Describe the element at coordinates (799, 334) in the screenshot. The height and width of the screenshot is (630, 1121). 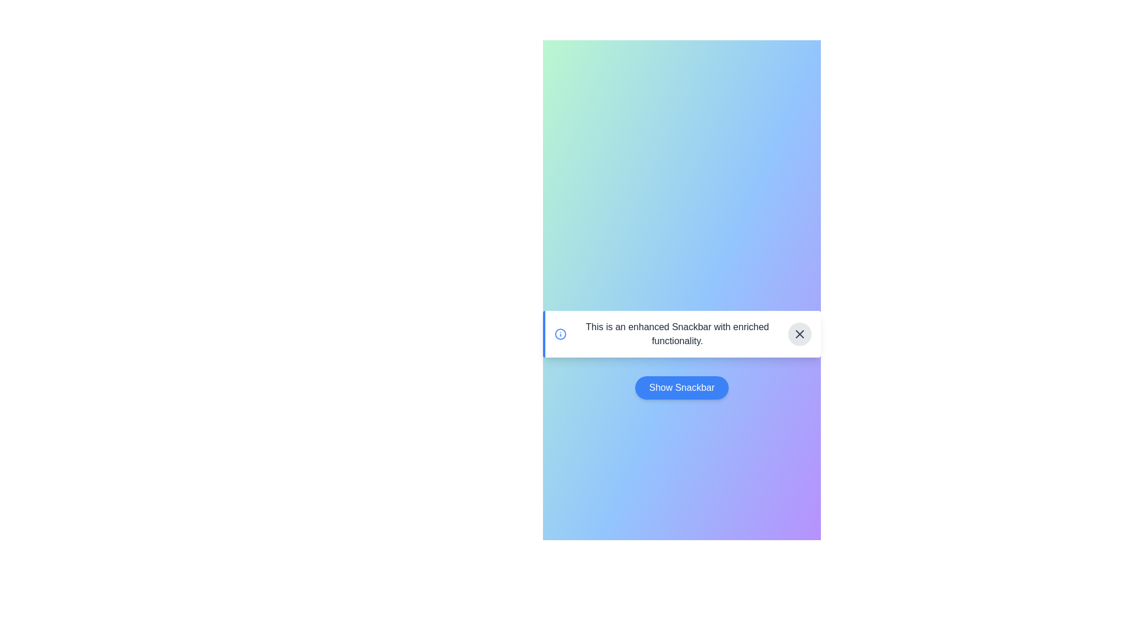
I see `the close icon (an 'X' character in gray) located at the right side of the snackbar component` at that location.